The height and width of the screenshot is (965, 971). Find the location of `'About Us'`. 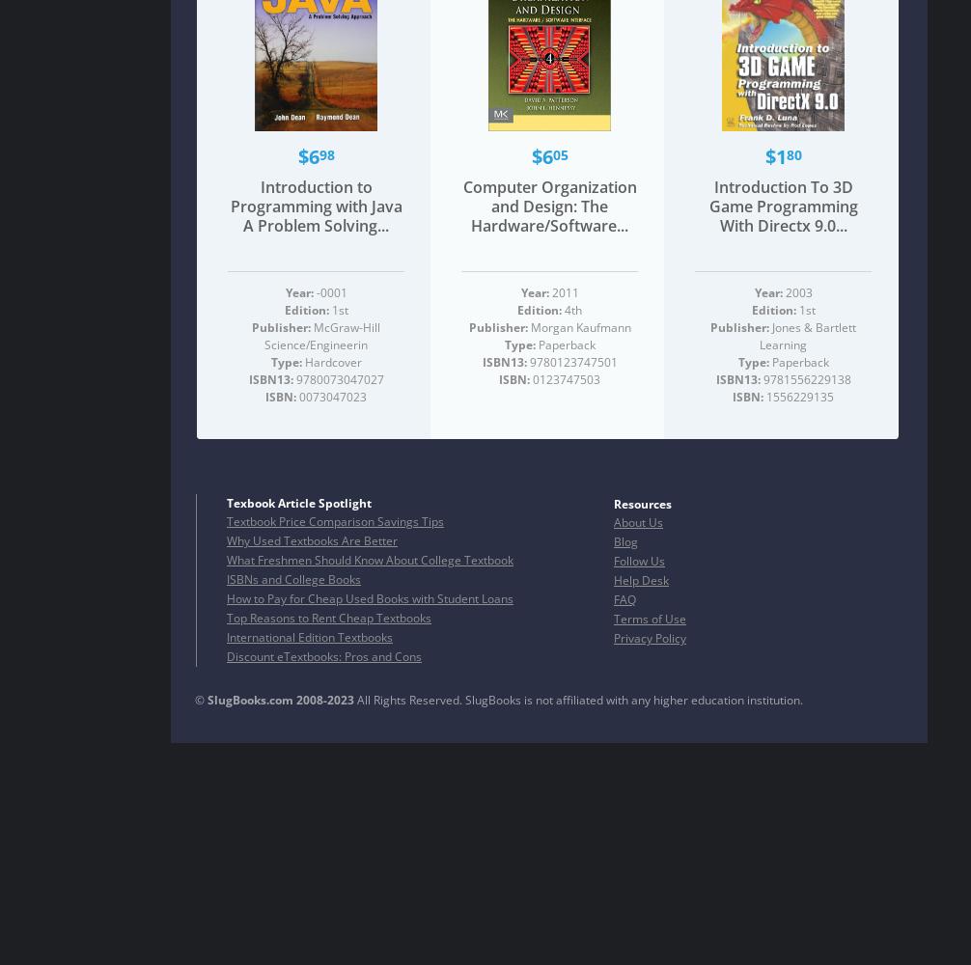

'About Us' is located at coordinates (638, 522).